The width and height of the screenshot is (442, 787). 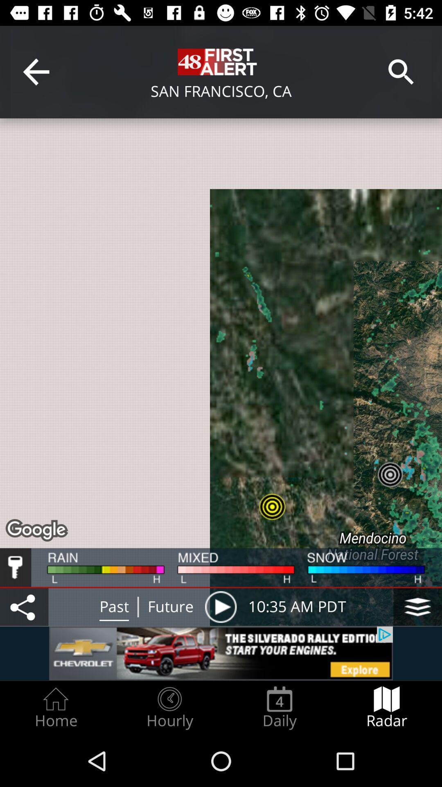 What do you see at coordinates (387, 707) in the screenshot?
I see `the icon to the right of daily item` at bounding box center [387, 707].